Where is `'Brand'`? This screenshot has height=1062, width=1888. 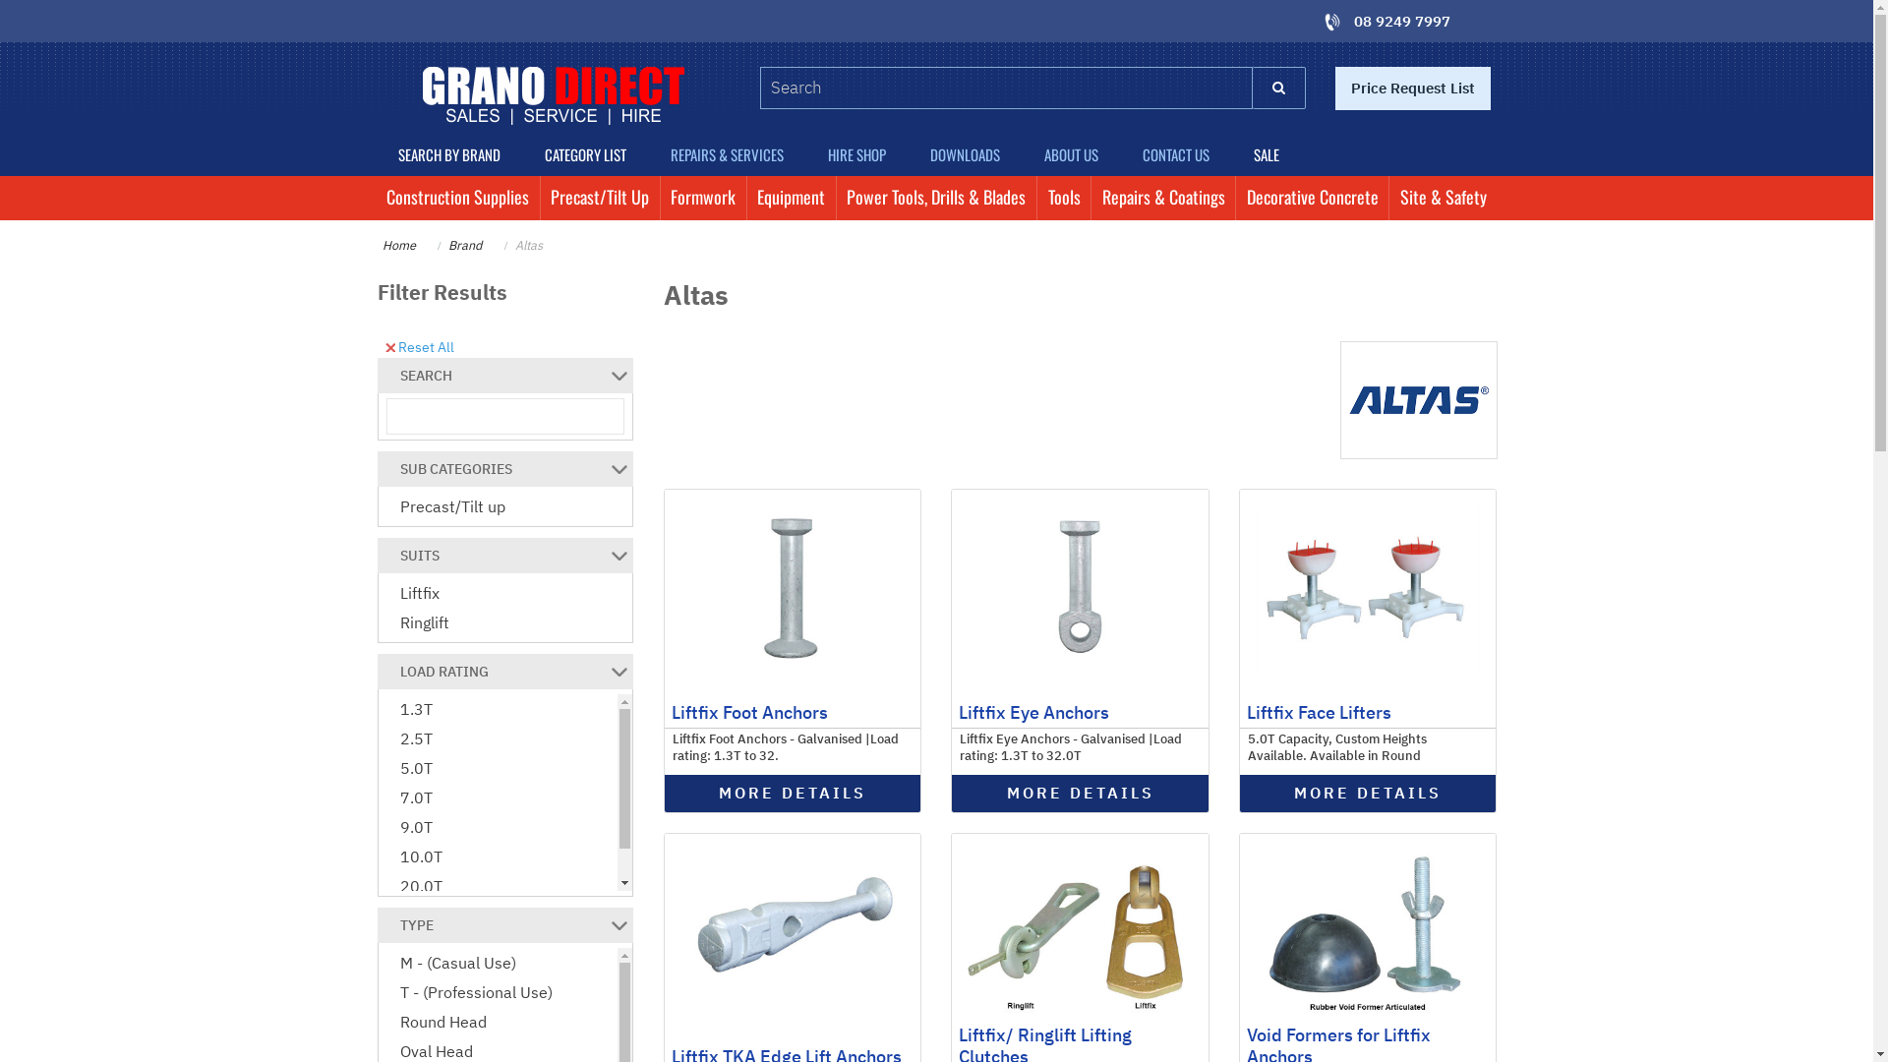 'Brand' is located at coordinates (464, 244).